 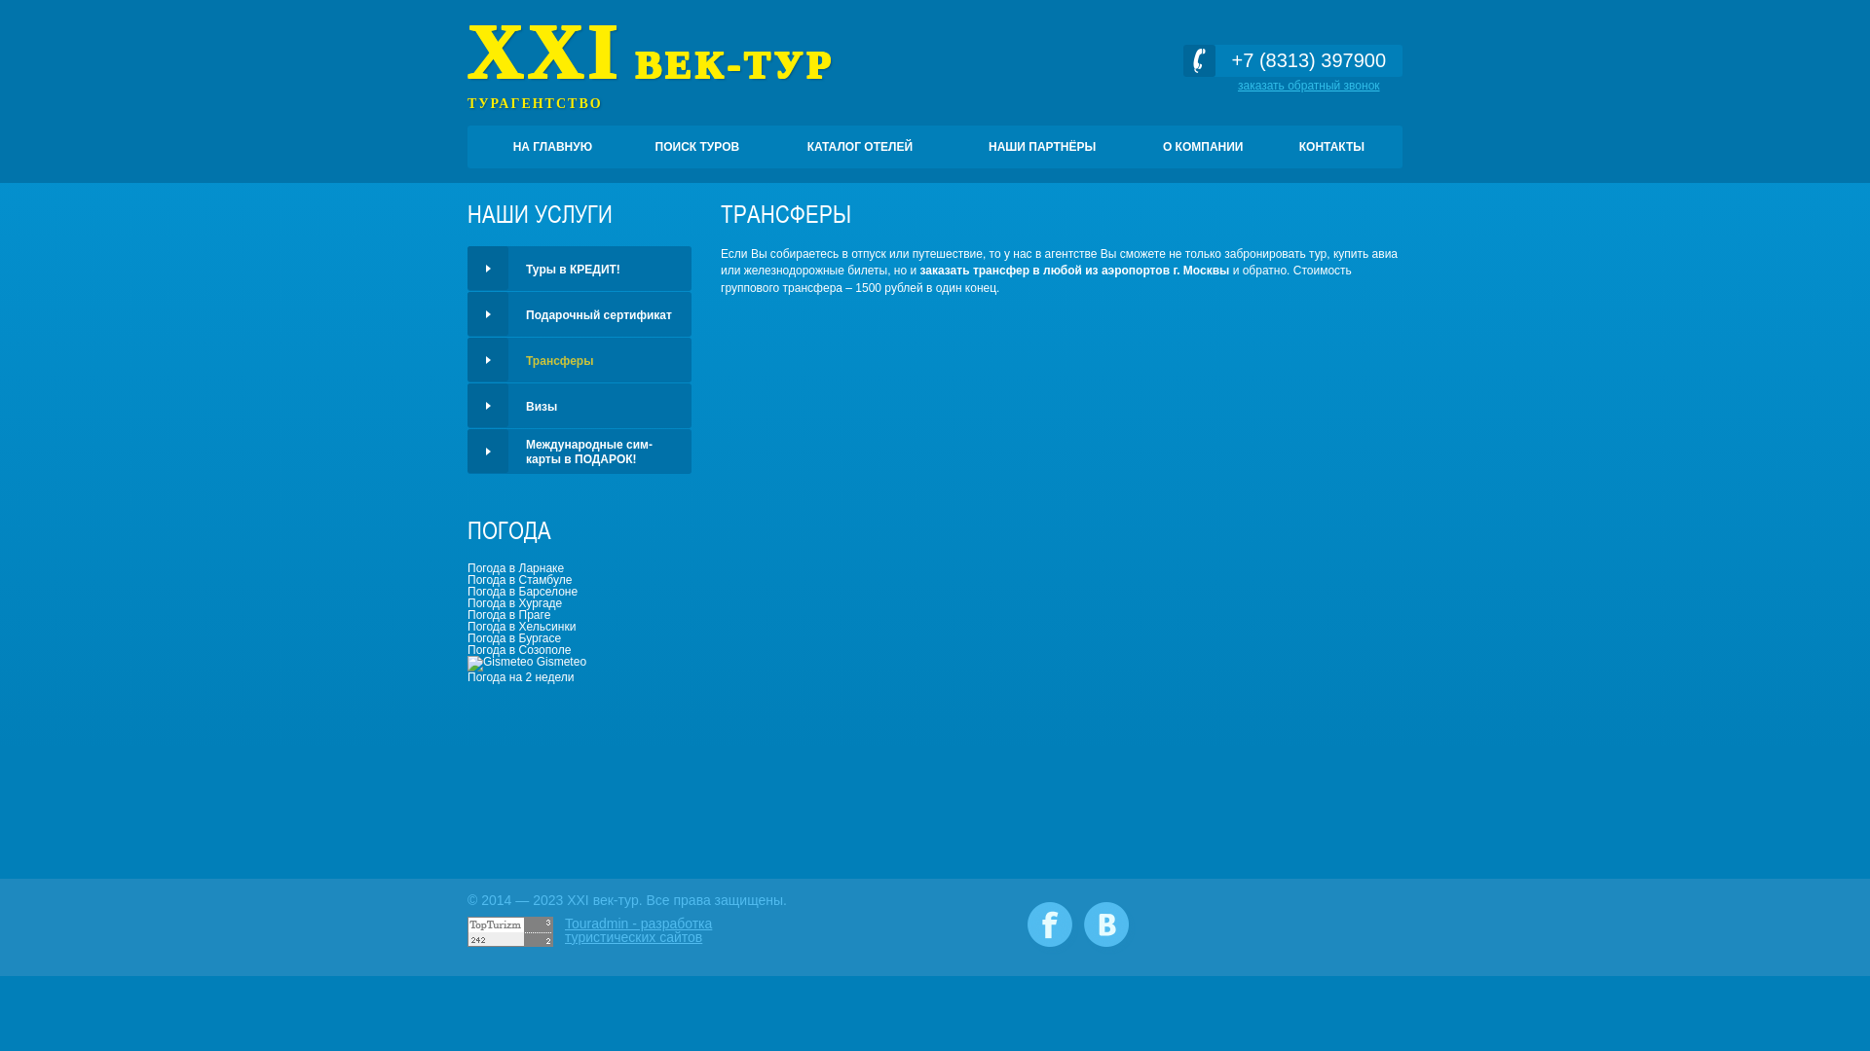 What do you see at coordinates (500, 663) in the screenshot?
I see `'Gismeteo'` at bounding box center [500, 663].